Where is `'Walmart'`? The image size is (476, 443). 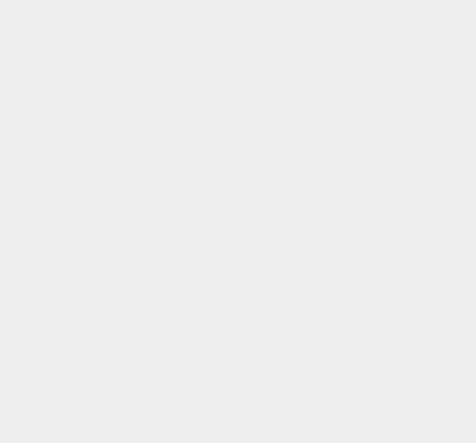
'Walmart' is located at coordinates (336, 54).